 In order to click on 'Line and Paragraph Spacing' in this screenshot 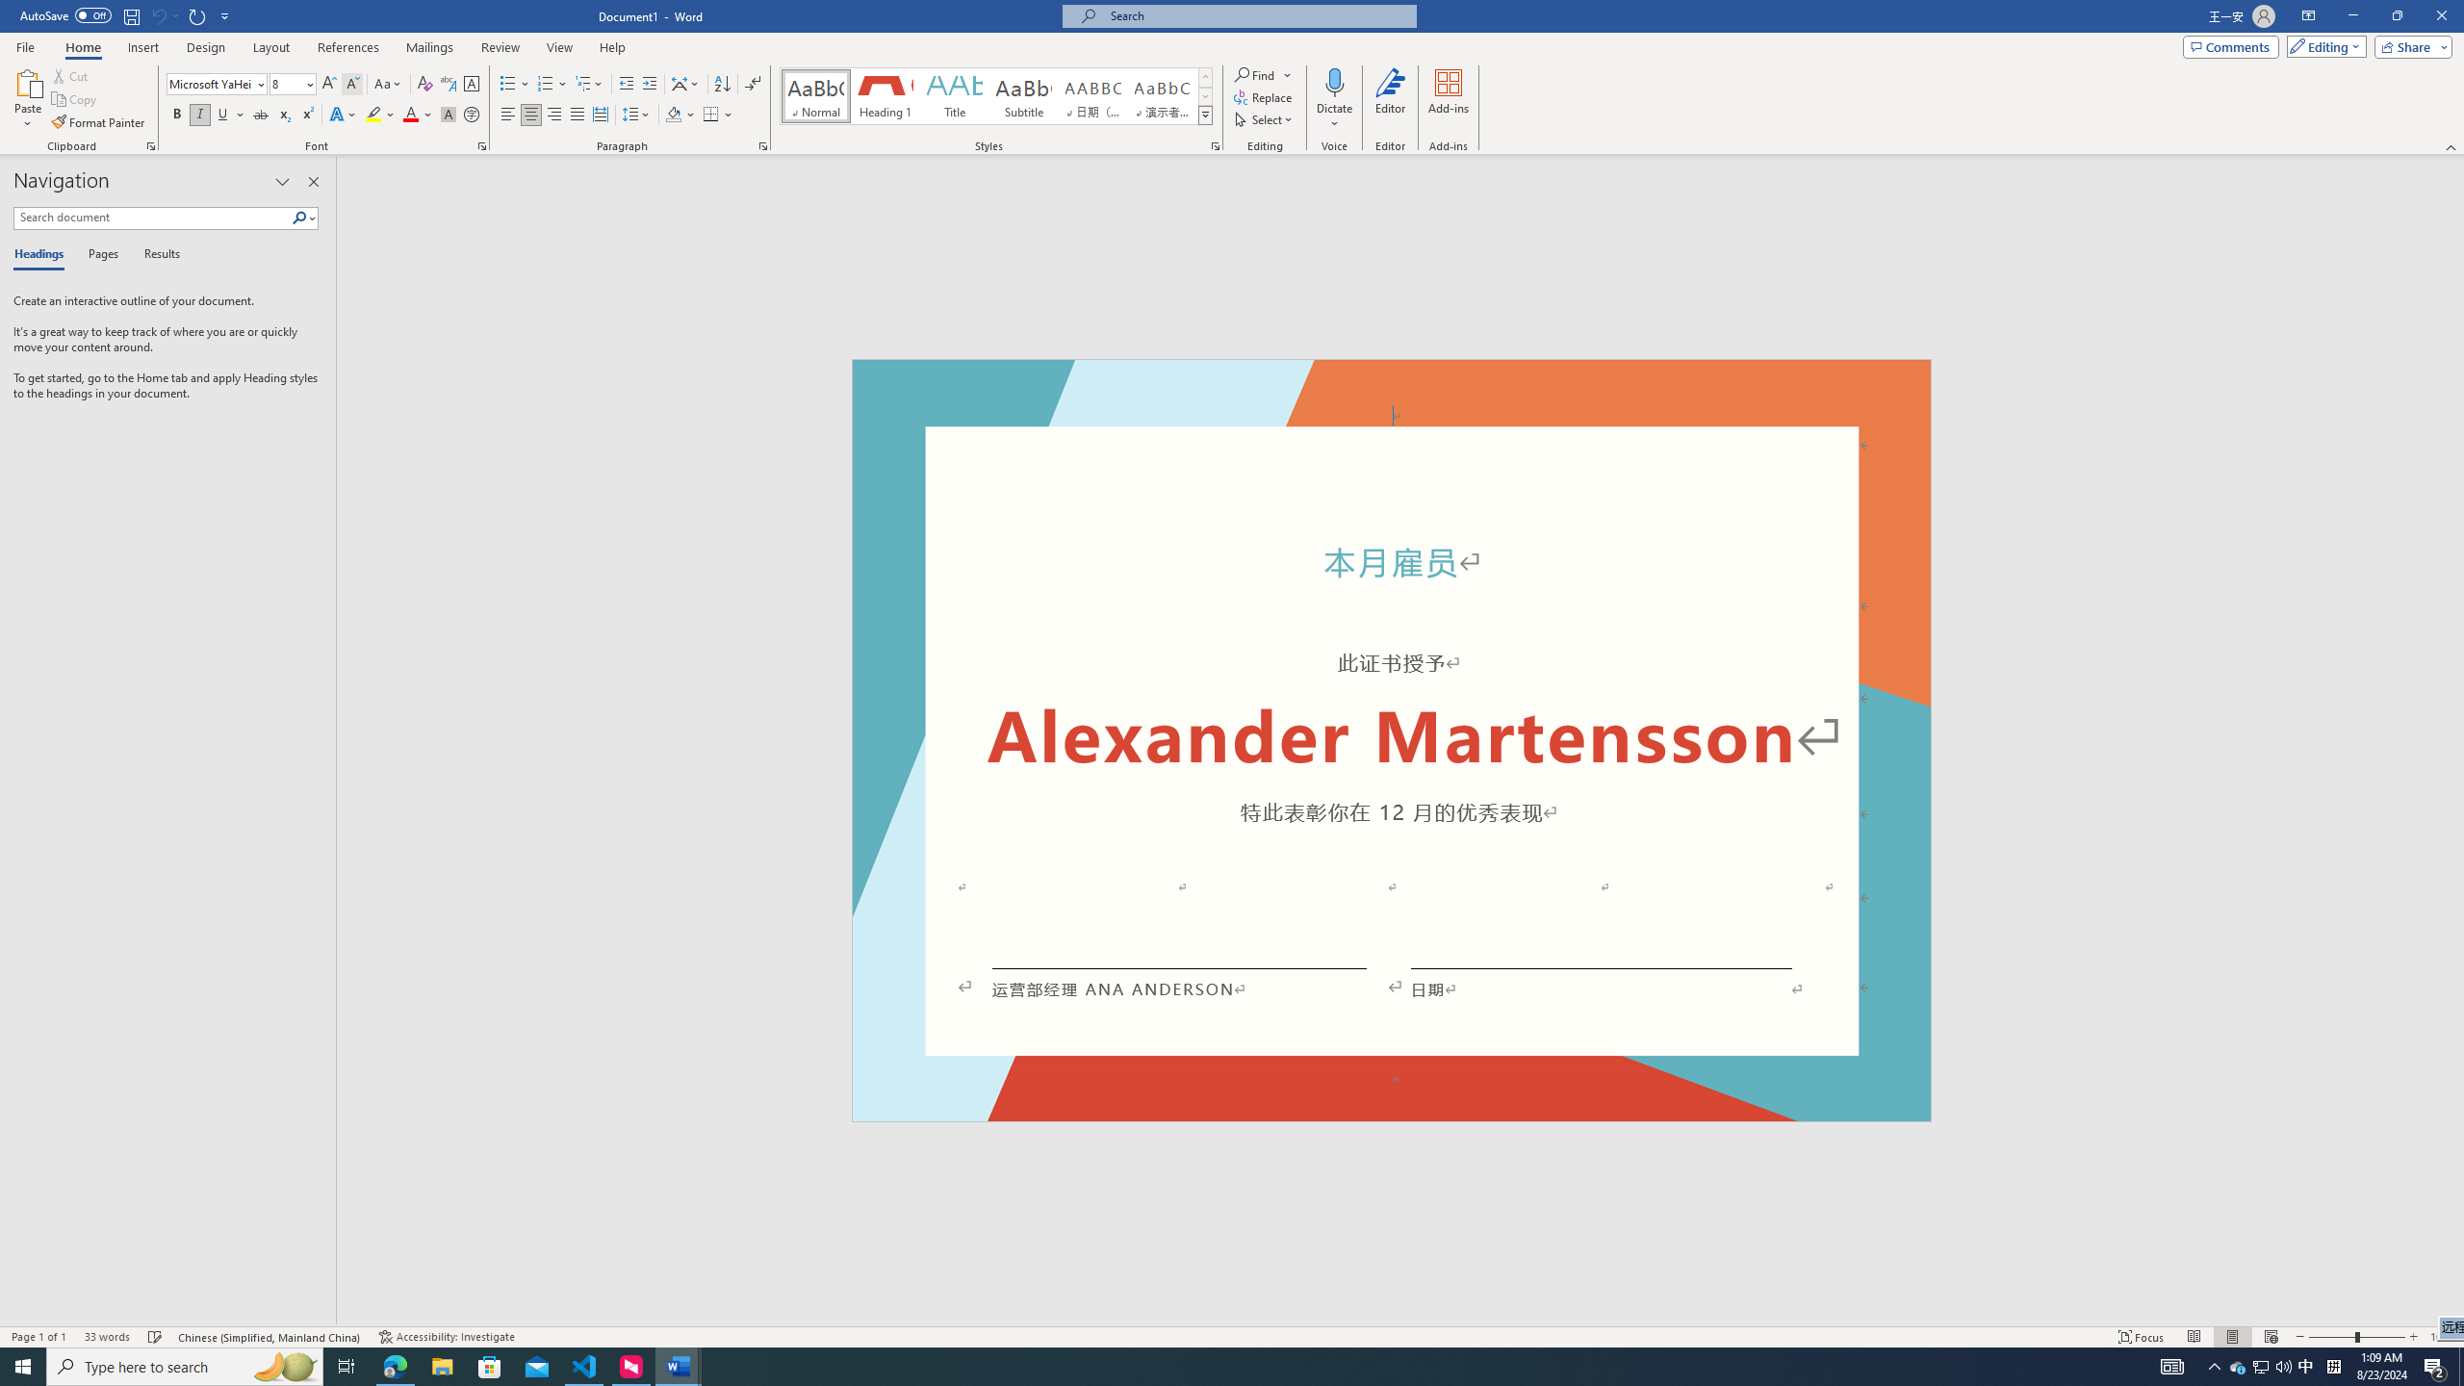, I will do `click(638, 114)`.